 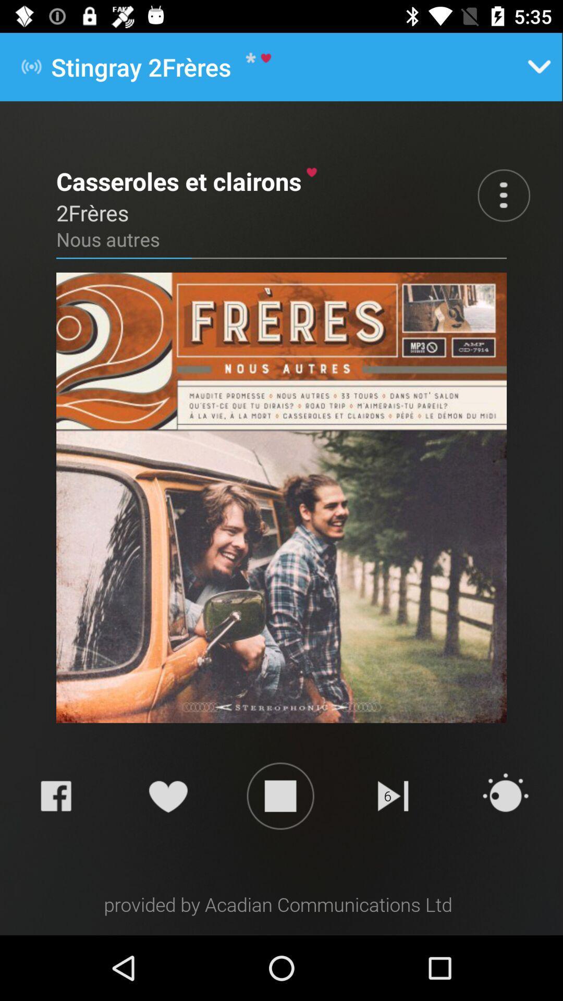 What do you see at coordinates (539, 66) in the screenshot?
I see `the expand_more icon` at bounding box center [539, 66].